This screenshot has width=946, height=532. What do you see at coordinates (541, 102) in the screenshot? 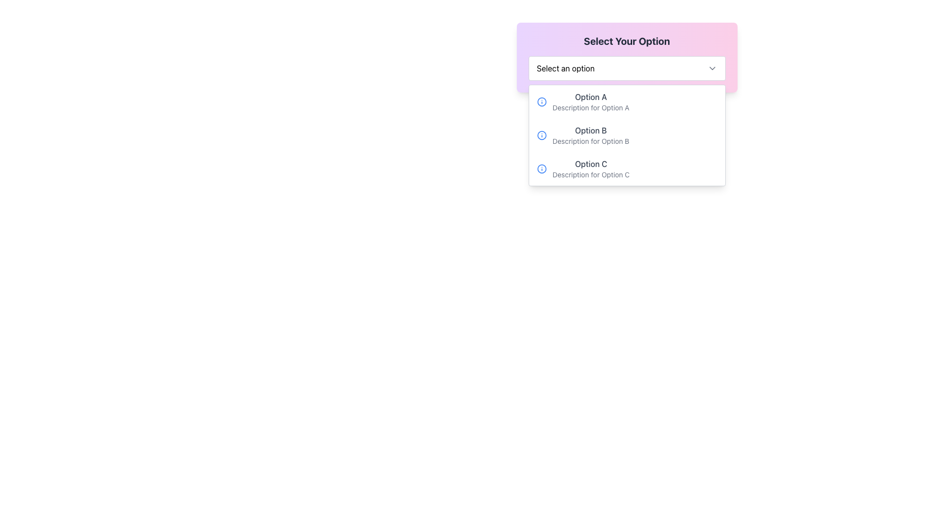
I see `the circular blue icon with a white center and an exclamation mark, located to the left of 'Option A' in the dropdown list` at bounding box center [541, 102].